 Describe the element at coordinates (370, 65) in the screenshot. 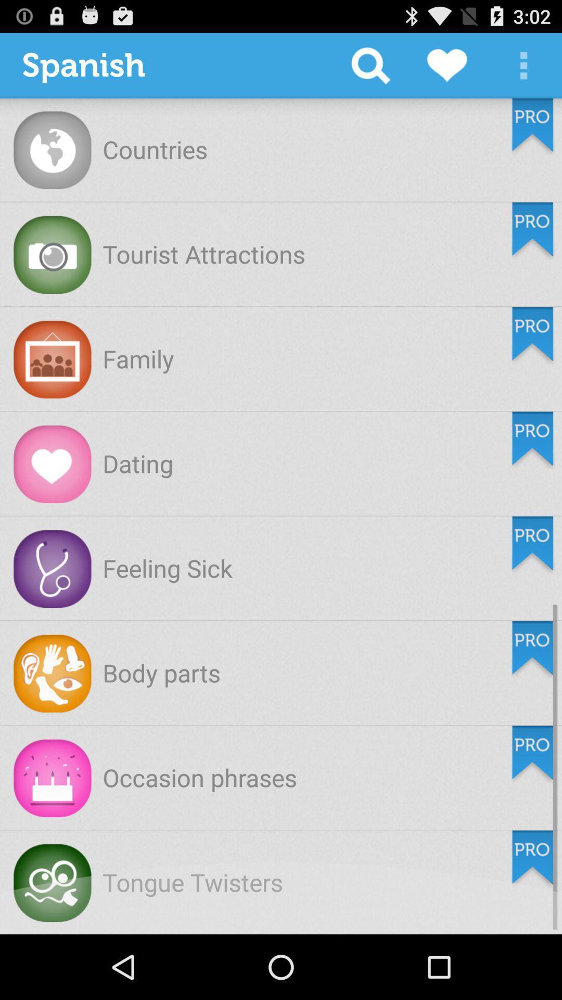

I see `icon next to the spanish icon` at that location.